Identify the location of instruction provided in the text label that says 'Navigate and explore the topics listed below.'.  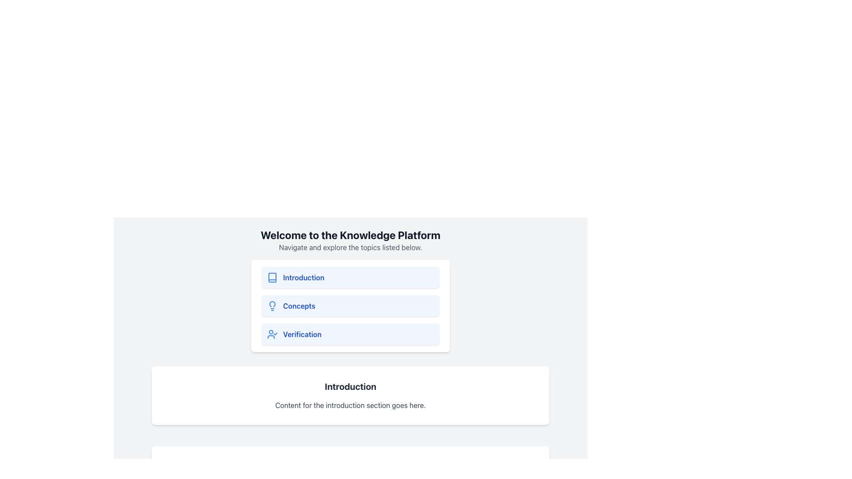
(350, 247).